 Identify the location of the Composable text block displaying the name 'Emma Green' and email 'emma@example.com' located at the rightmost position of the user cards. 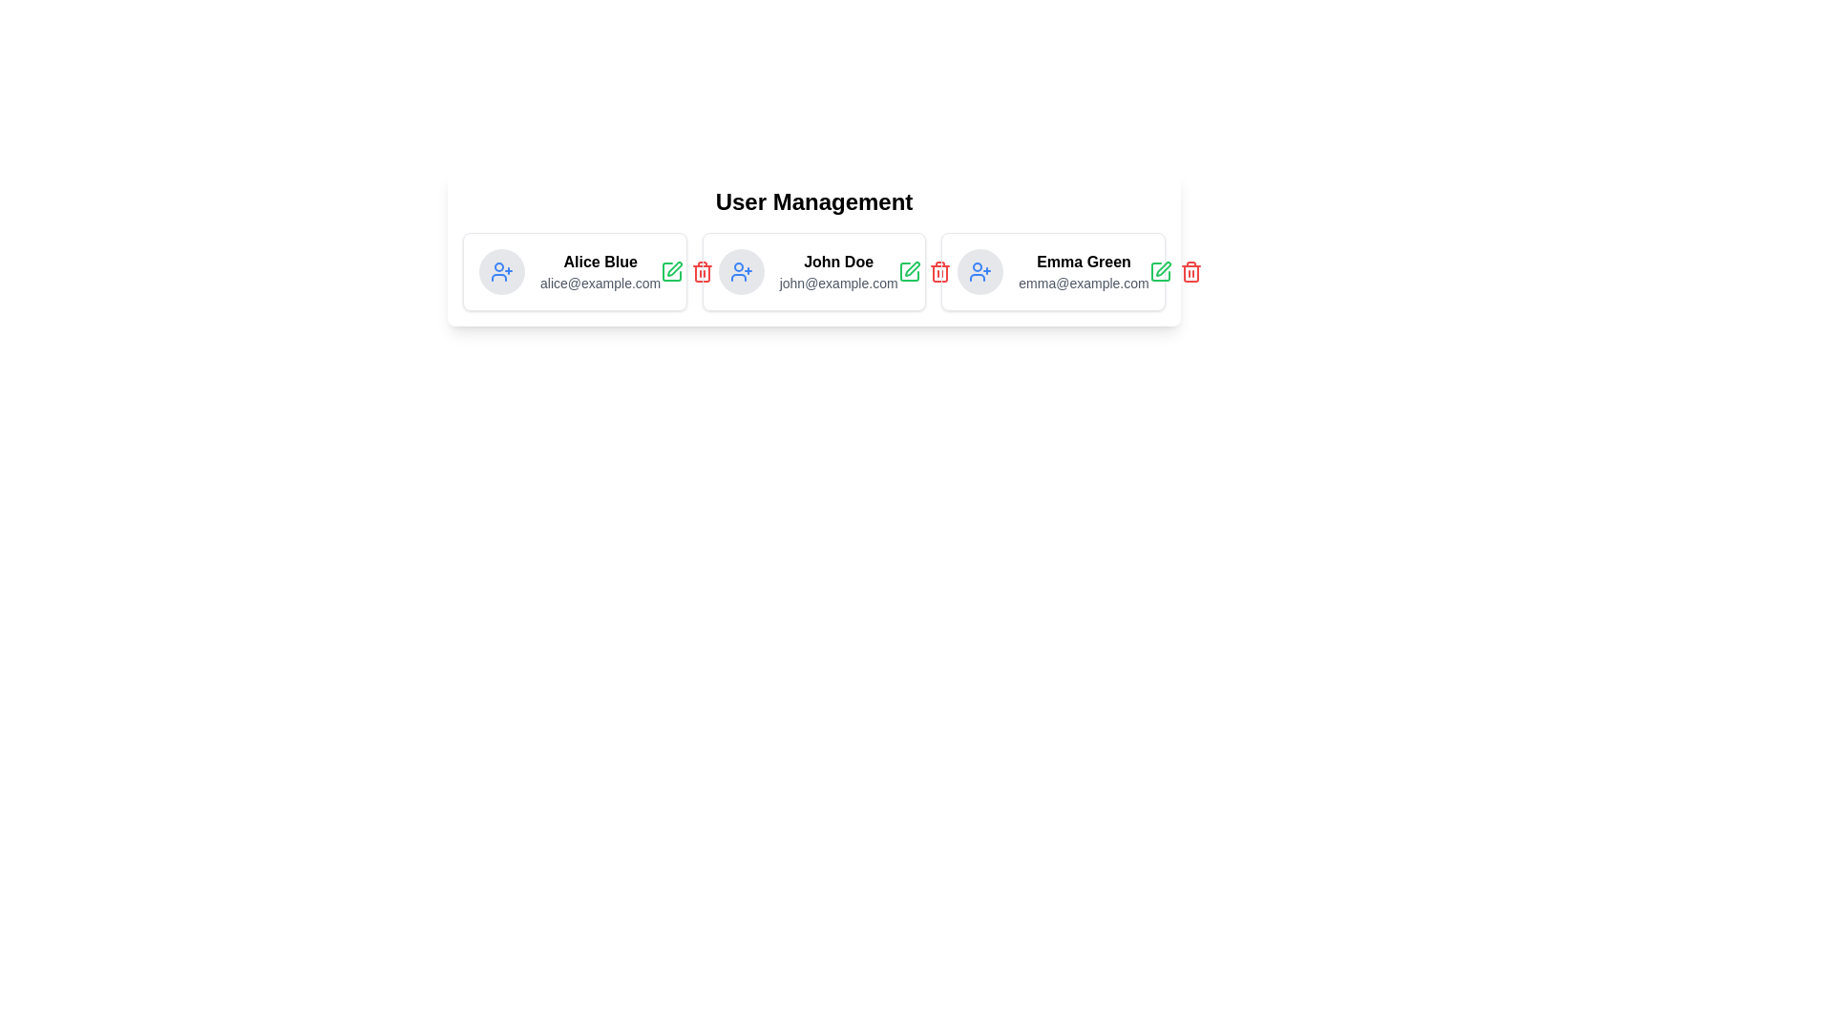
(1084, 272).